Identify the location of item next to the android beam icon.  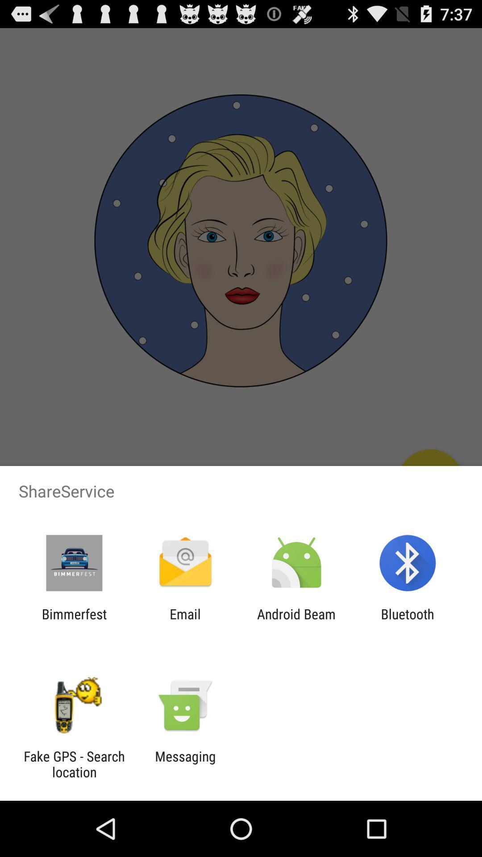
(407, 621).